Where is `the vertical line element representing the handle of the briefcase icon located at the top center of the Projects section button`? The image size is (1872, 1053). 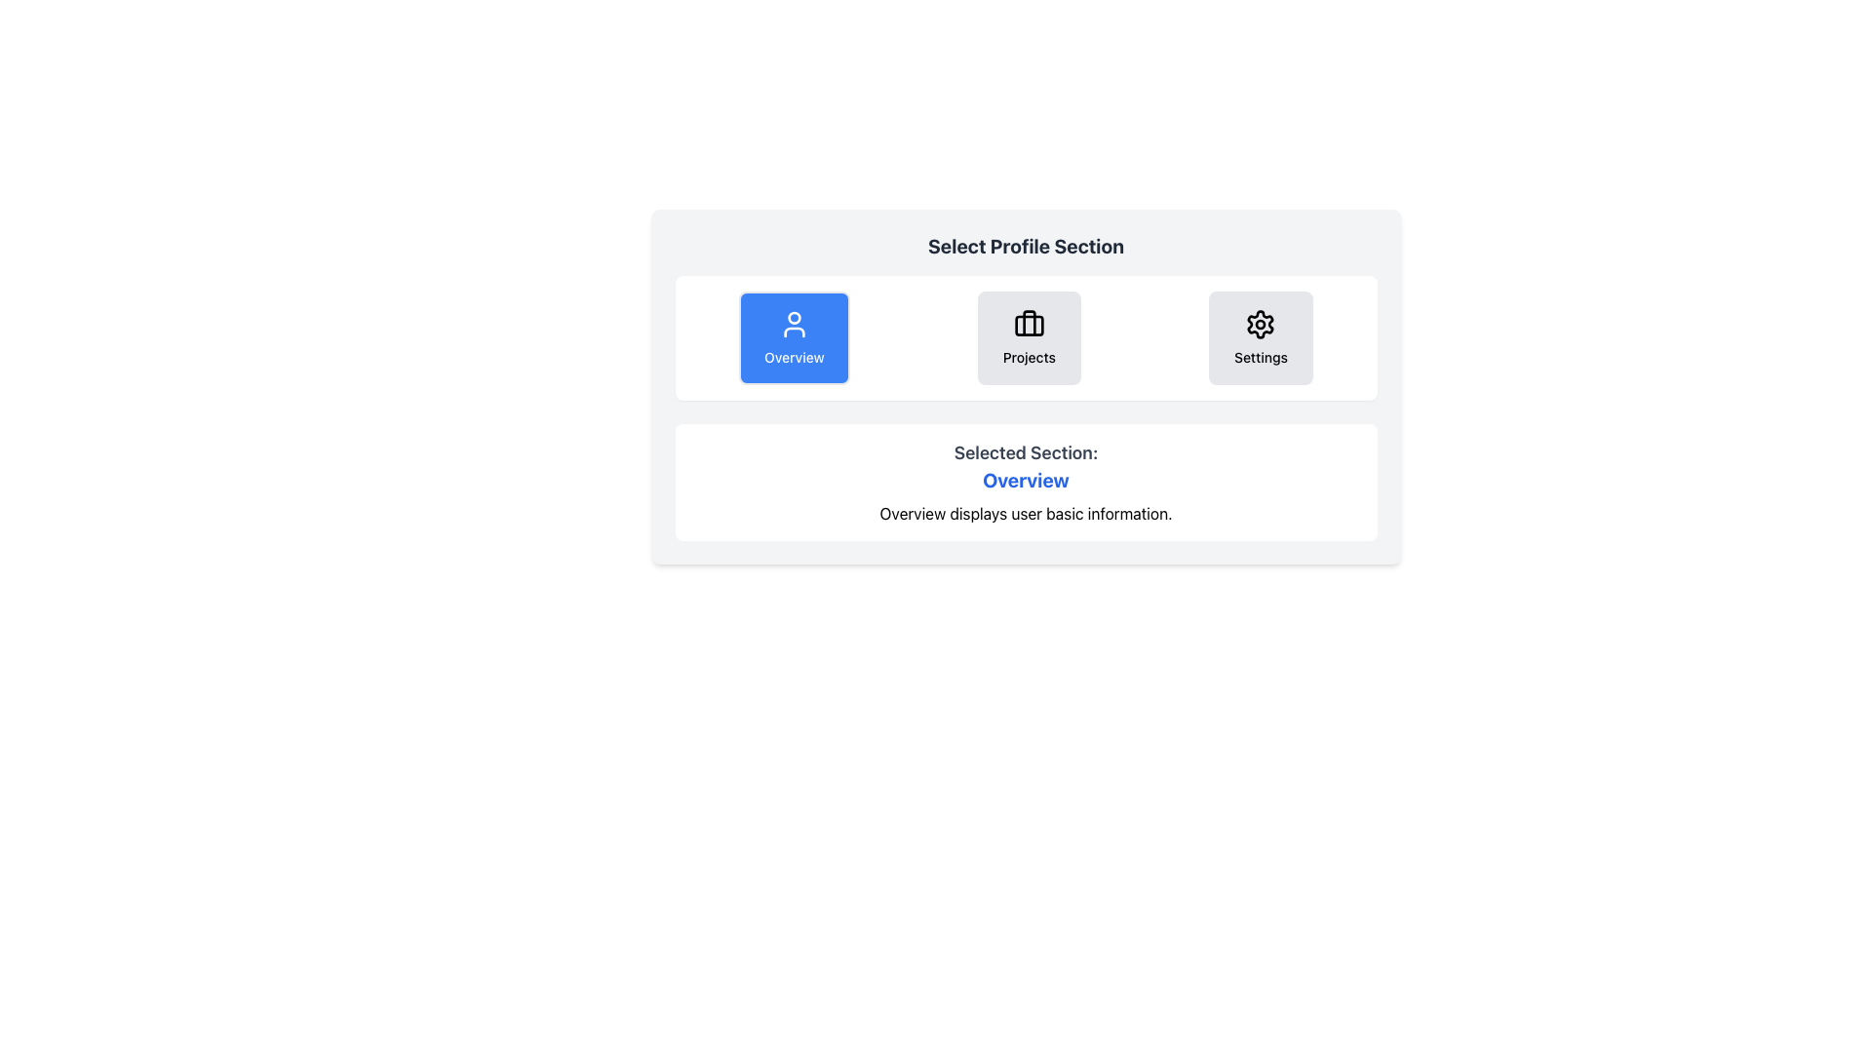 the vertical line element representing the handle of the briefcase icon located at the top center of the Projects section button is located at coordinates (1028, 322).